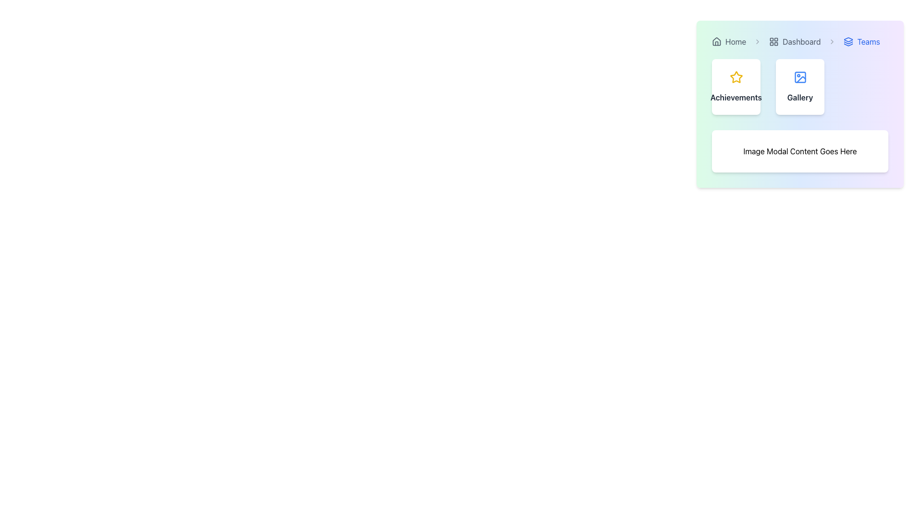  What do you see at coordinates (795, 41) in the screenshot?
I see `the 'Dashboard' navigation label with an associated grid icon` at bounding box center [795, 41].